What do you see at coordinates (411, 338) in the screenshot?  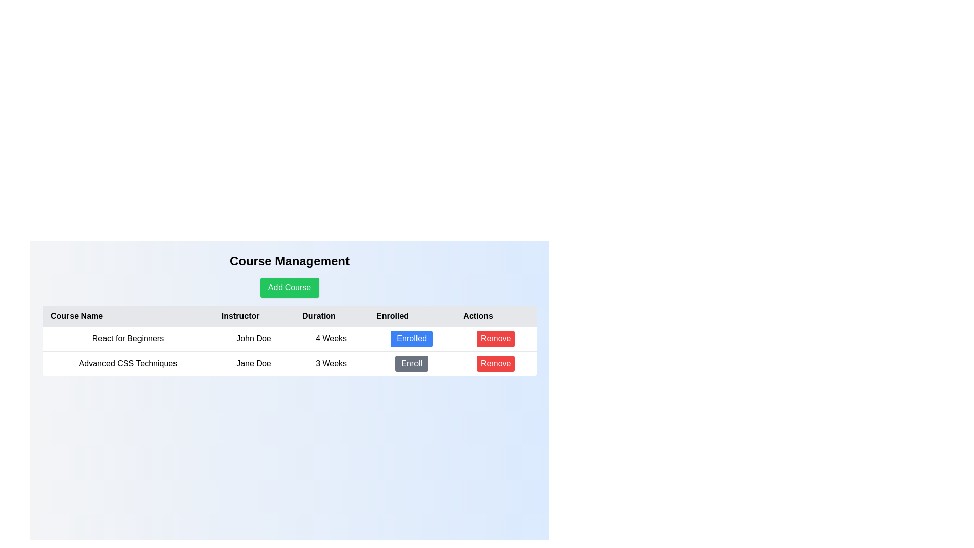 I see `the blue 'Enrolled' status indicator button with white text, which is located in the 'Enrolled' column of the first row of a table layout, between the '4 Weeks' text and the 'Remove' button for the course 'React for Beginners.'` at bounding box center [411, 338].